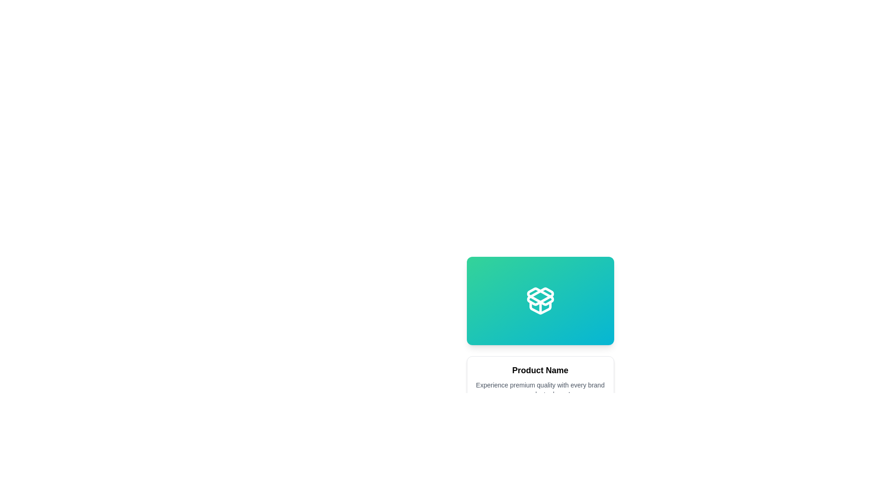 The image size is (884, 497). Describe the element at coordinates (540, 296) in the screenshot. I see `the stylized white geometric diamond icon located in the center of a gradient background rectangle transitioning from green to blue` at that location.